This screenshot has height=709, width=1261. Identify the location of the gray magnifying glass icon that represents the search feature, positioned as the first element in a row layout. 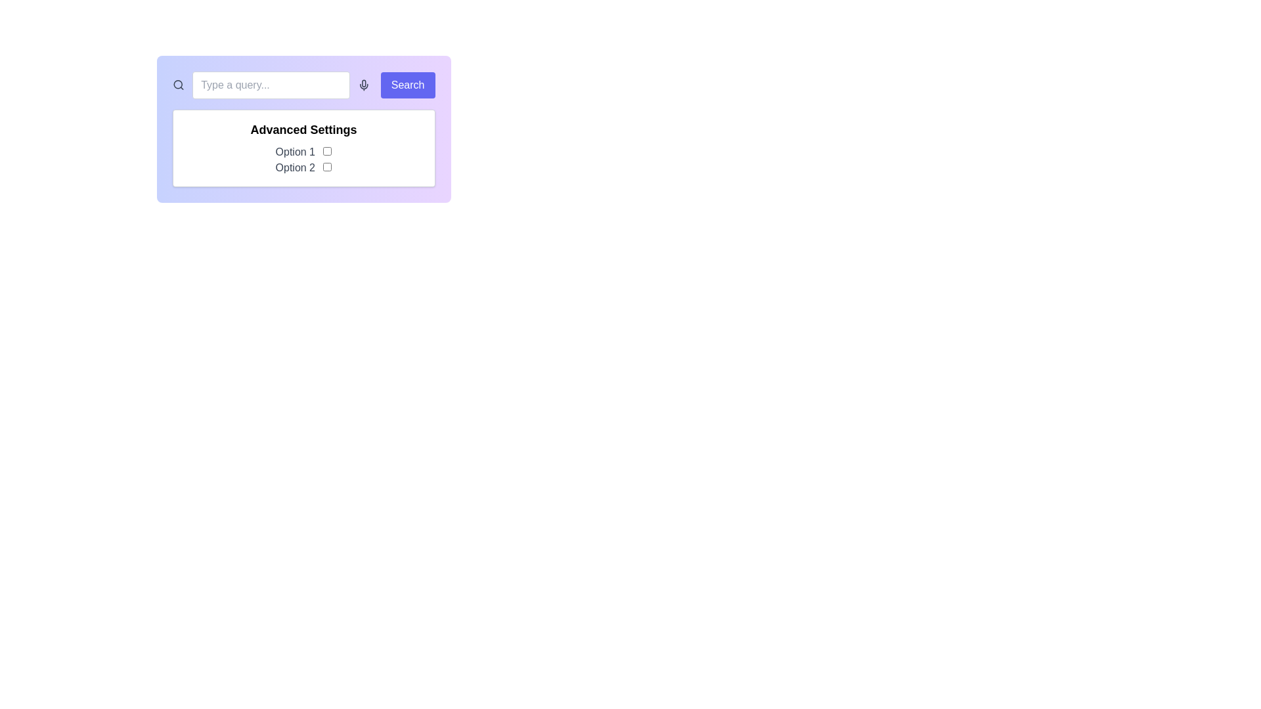
(177, 85).